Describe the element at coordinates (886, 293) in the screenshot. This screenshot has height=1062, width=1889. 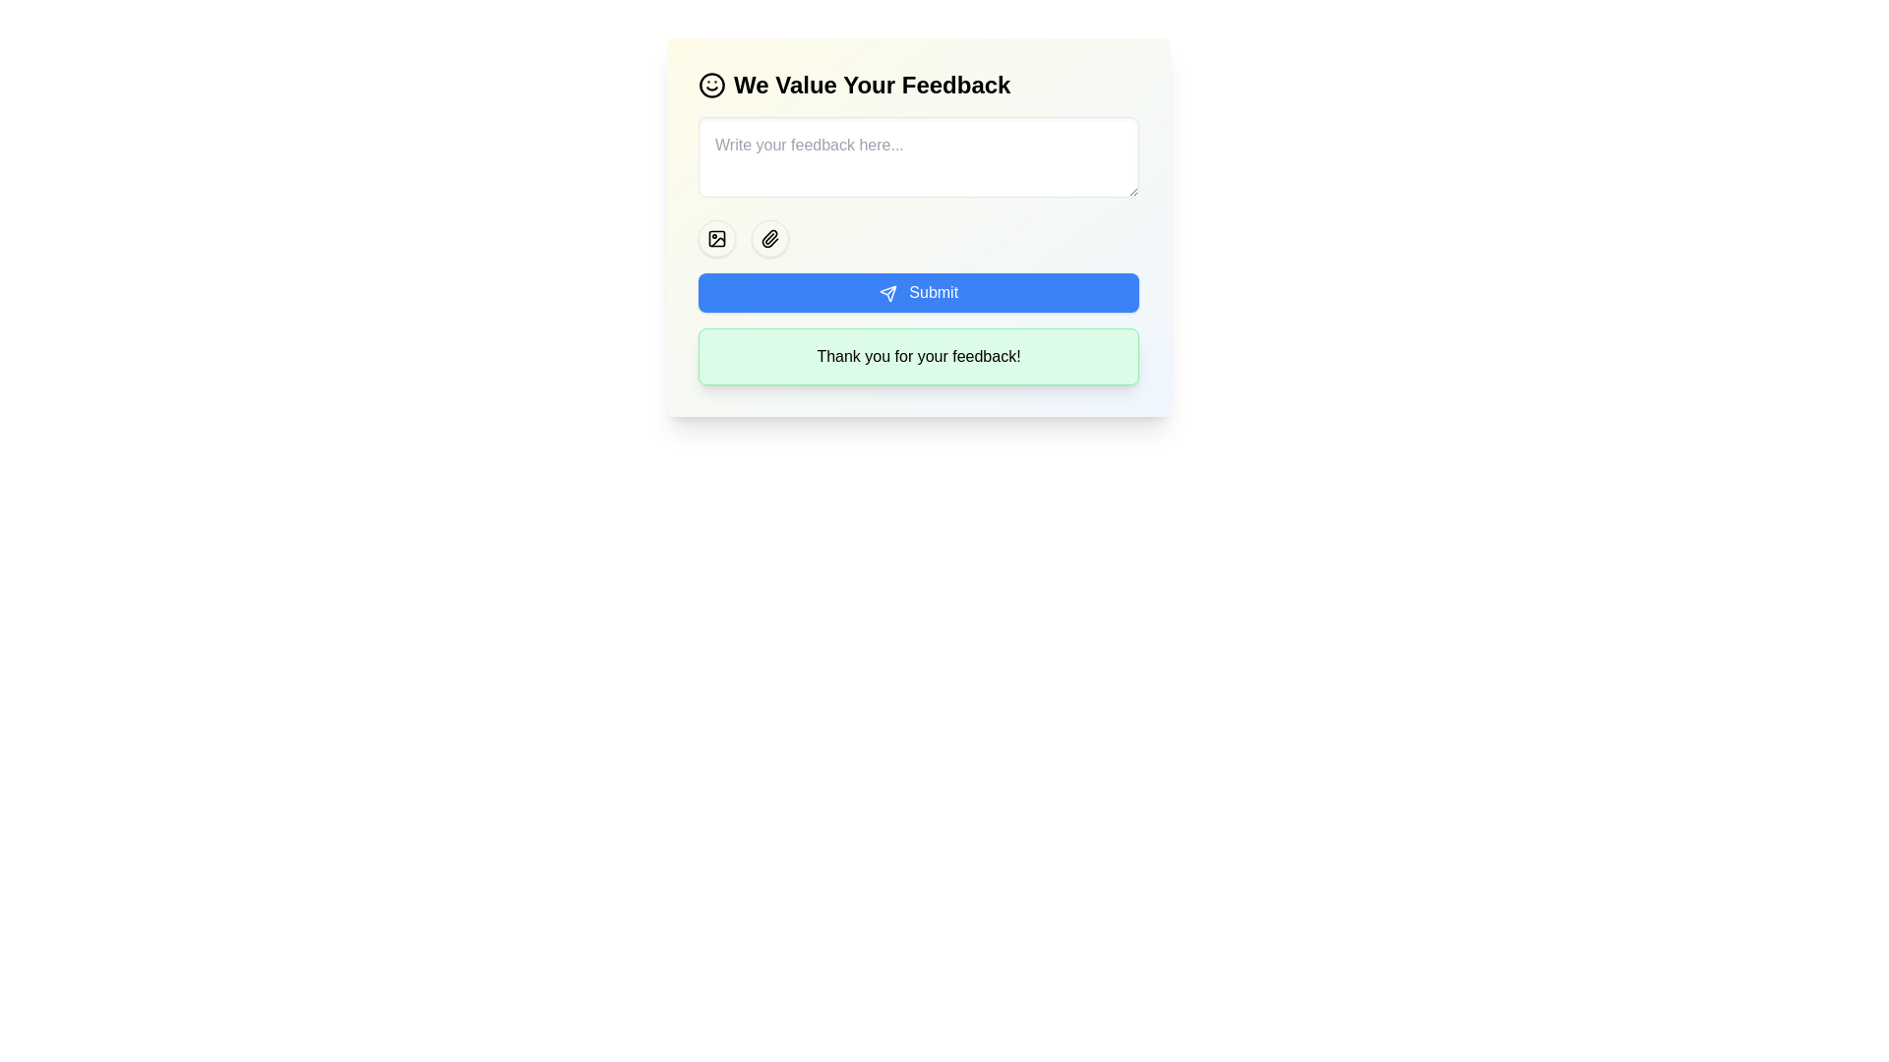
I see `the paper plane icon with a blue background that is part of the 'Submit' button` at that location.